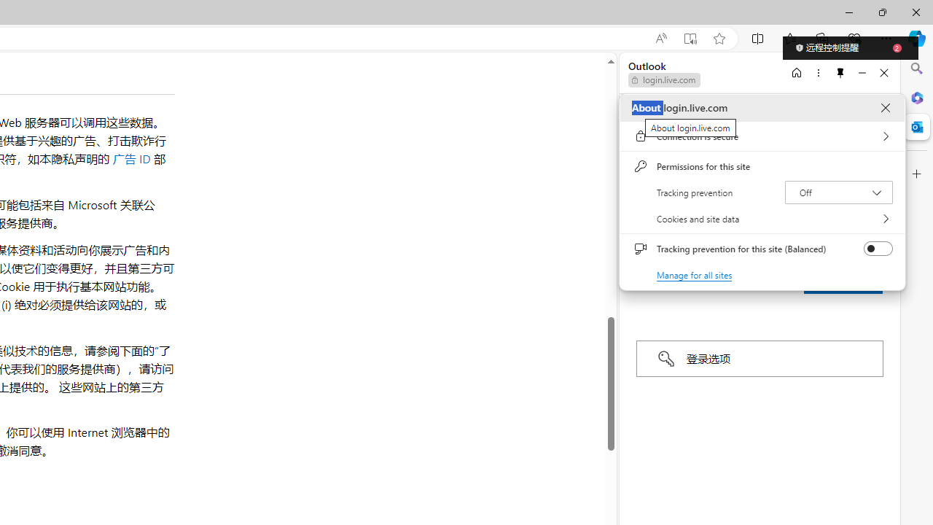  What do you see at coordinates (693, 275) in the screenshot?
I see `'Manage for all sites'` at bounding box center [693, 275].